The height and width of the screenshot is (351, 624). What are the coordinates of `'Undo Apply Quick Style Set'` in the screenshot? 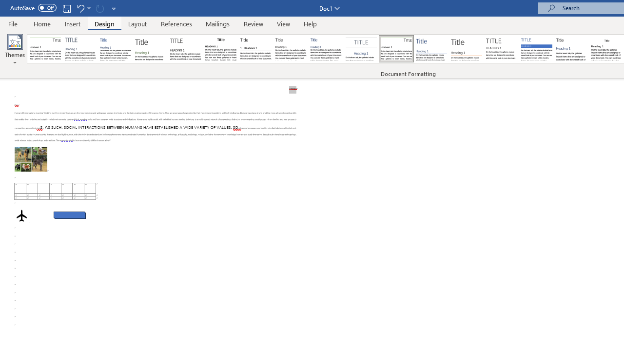 It's located at (80, 8).